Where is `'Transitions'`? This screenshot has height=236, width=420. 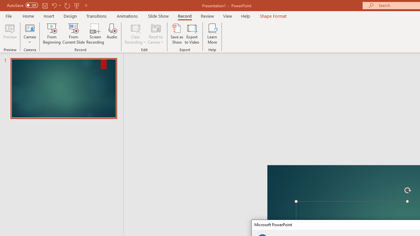
'Transitions' is located at coordinates (96, 16).